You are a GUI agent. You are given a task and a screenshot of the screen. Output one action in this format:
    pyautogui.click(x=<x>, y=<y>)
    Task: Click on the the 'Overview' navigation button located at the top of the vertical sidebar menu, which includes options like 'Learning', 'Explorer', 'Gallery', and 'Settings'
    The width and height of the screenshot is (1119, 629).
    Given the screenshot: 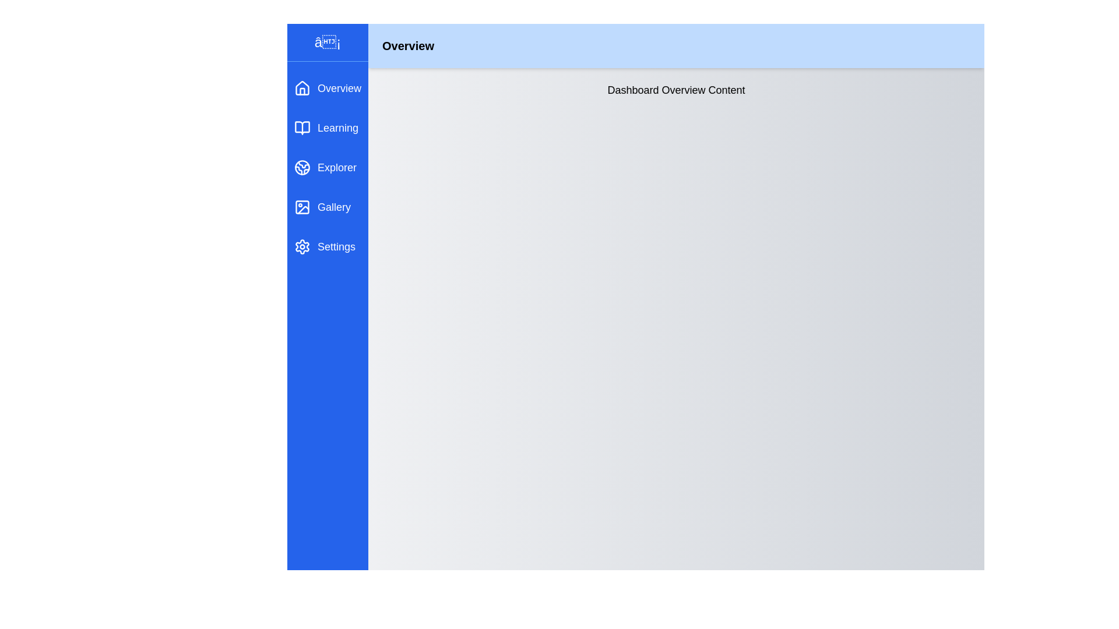 What is the action you would take?
    pyautogui.click(x=327, y=87)
    